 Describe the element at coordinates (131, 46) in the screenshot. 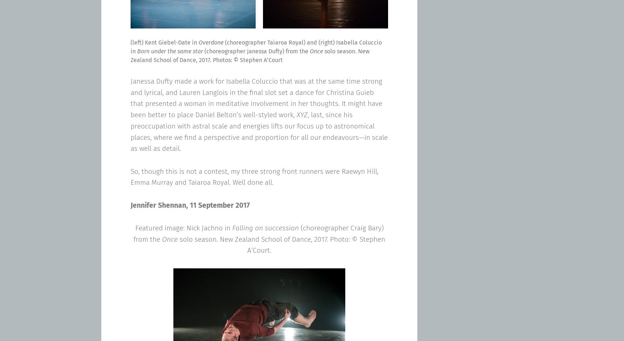

I see `'(choreographer Taiaroa Royal) and (right) Isabella Coluccio in'` at that location.